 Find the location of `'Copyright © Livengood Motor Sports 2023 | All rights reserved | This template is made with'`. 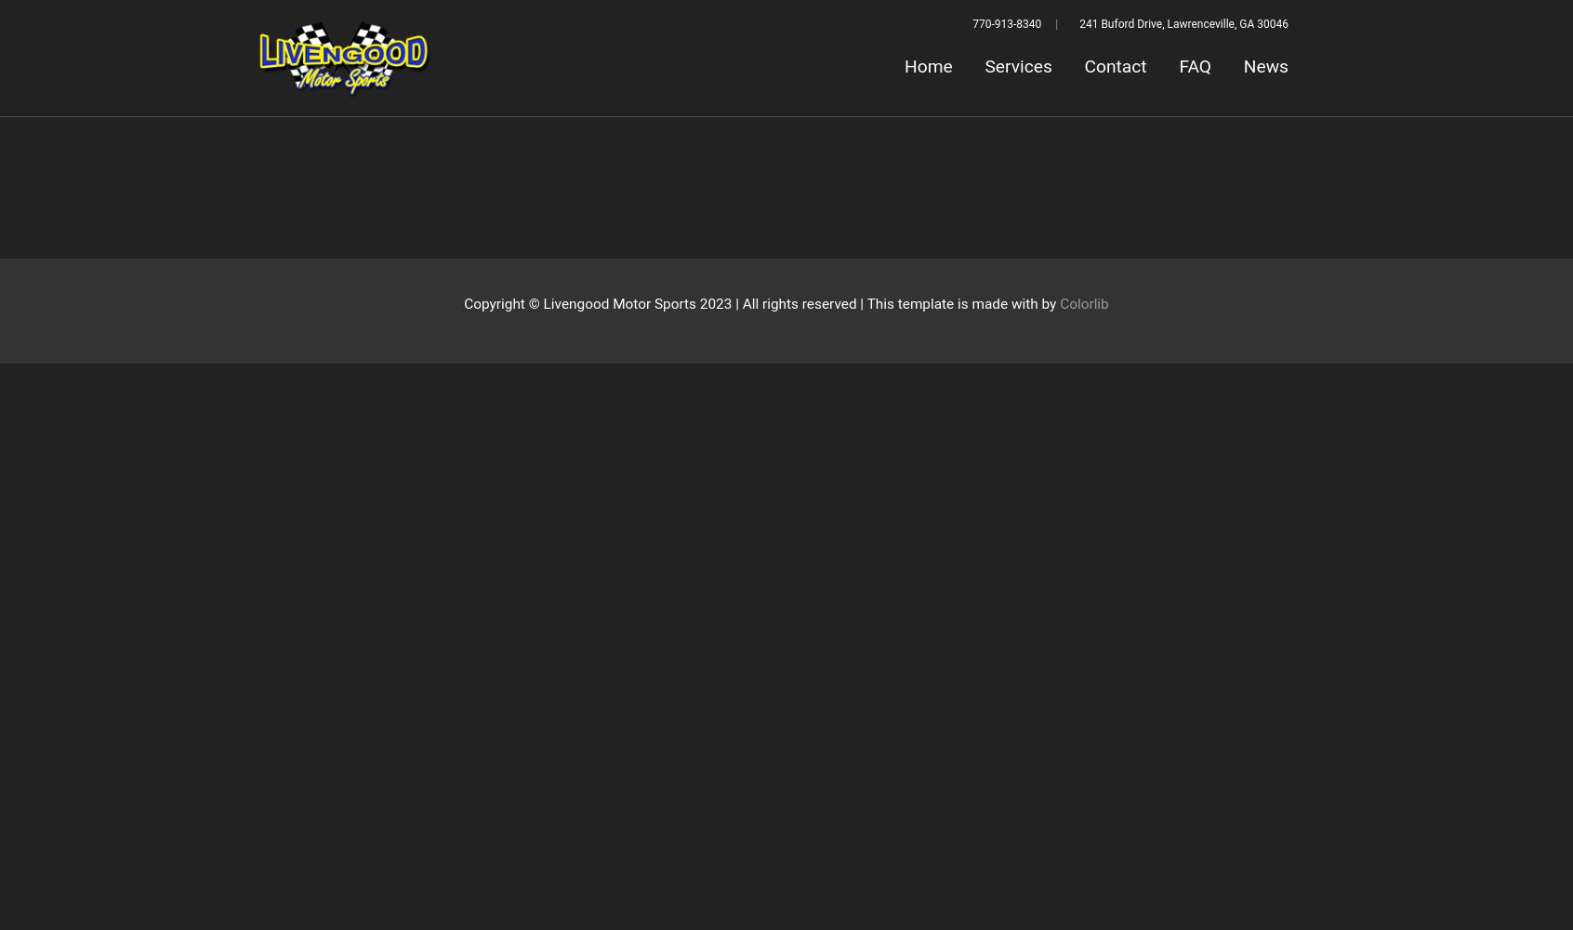

'Copyright © Livengood Motor Sports 2023 | All rights reserved | This template is made with' is located at coordinates (752, 303).